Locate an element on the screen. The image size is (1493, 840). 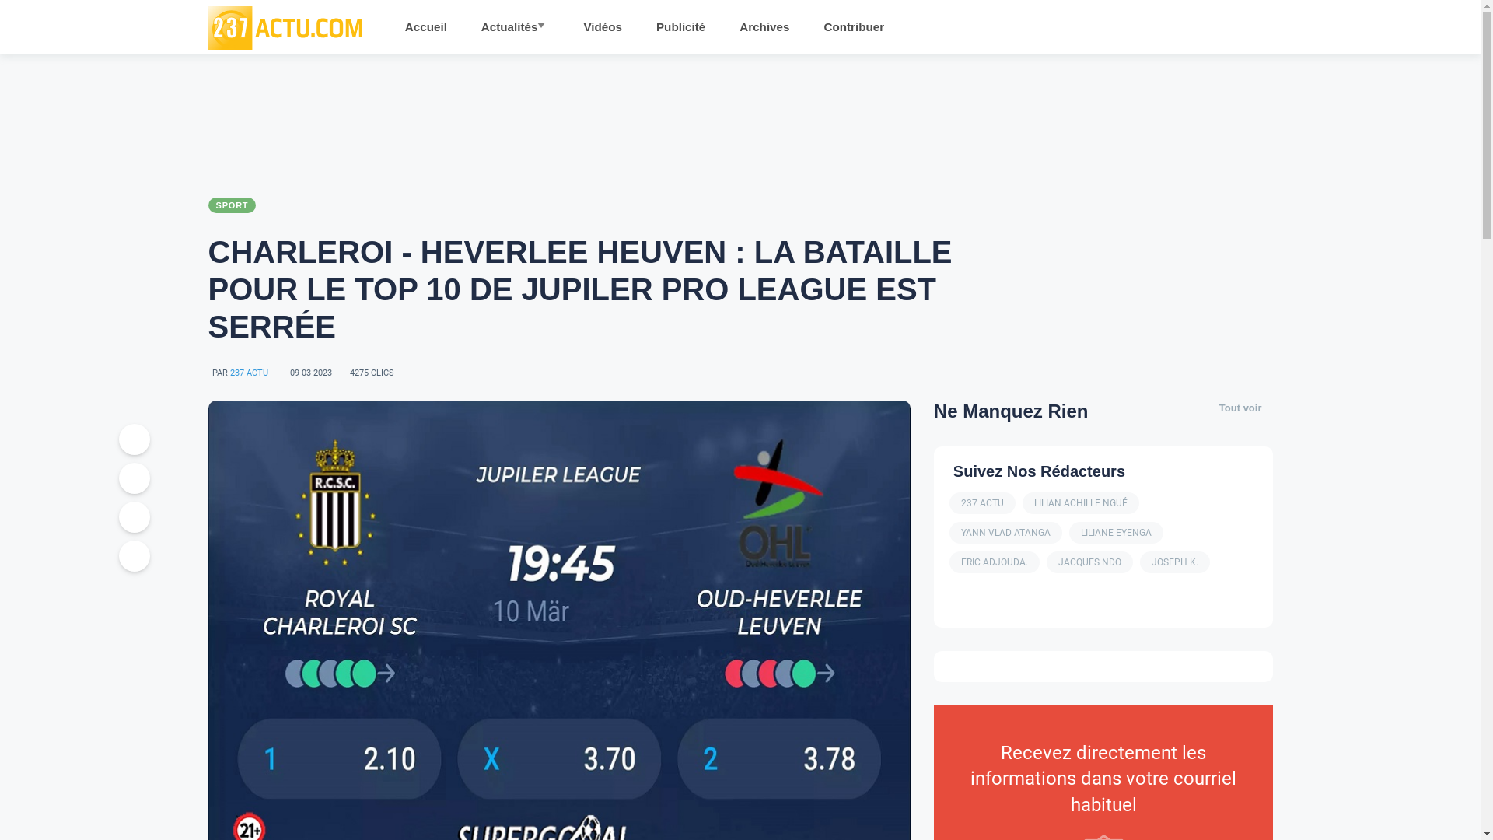
'Contribuer' is located at coordinates (853, 33).